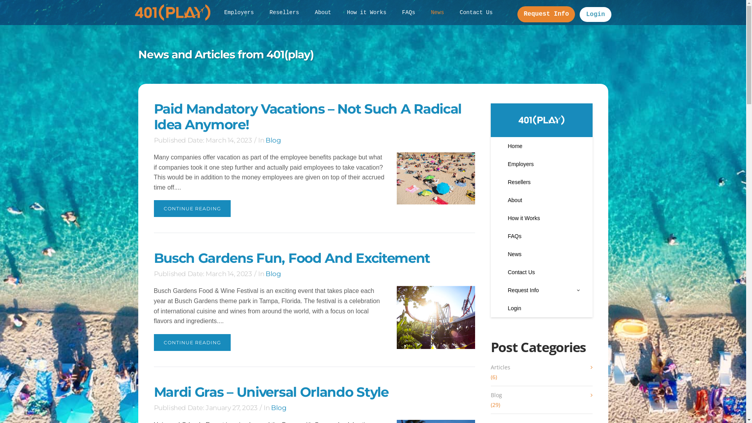 This screenshot has height=423, width=752. I want to click on 'How it Works', so click(366, 12).